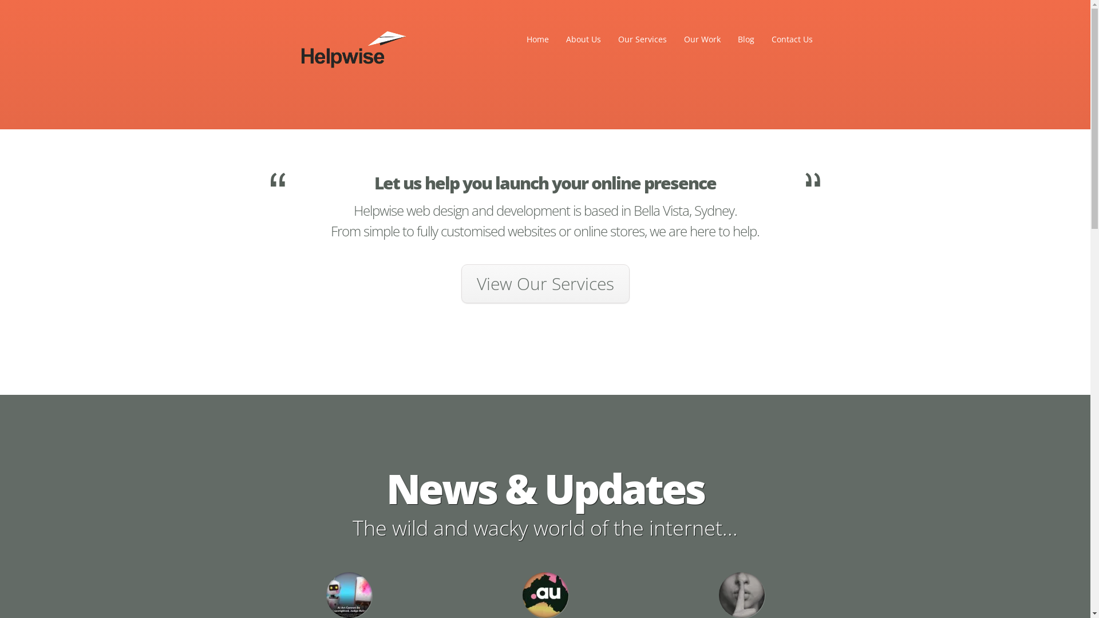 The image size is (1099, 618). I want to click on 'Contact Us', so click(790, 39).